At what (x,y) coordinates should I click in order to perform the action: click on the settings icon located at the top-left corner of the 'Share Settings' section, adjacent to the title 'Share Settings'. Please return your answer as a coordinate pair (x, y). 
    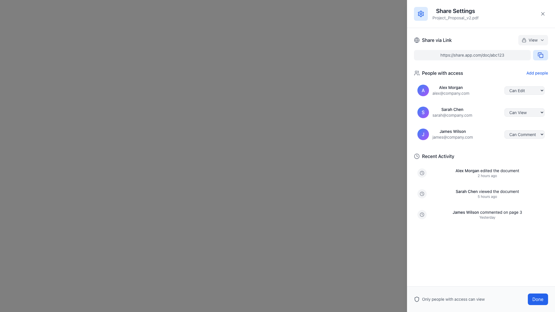
    Looking at the image, I should click on (421, 13).